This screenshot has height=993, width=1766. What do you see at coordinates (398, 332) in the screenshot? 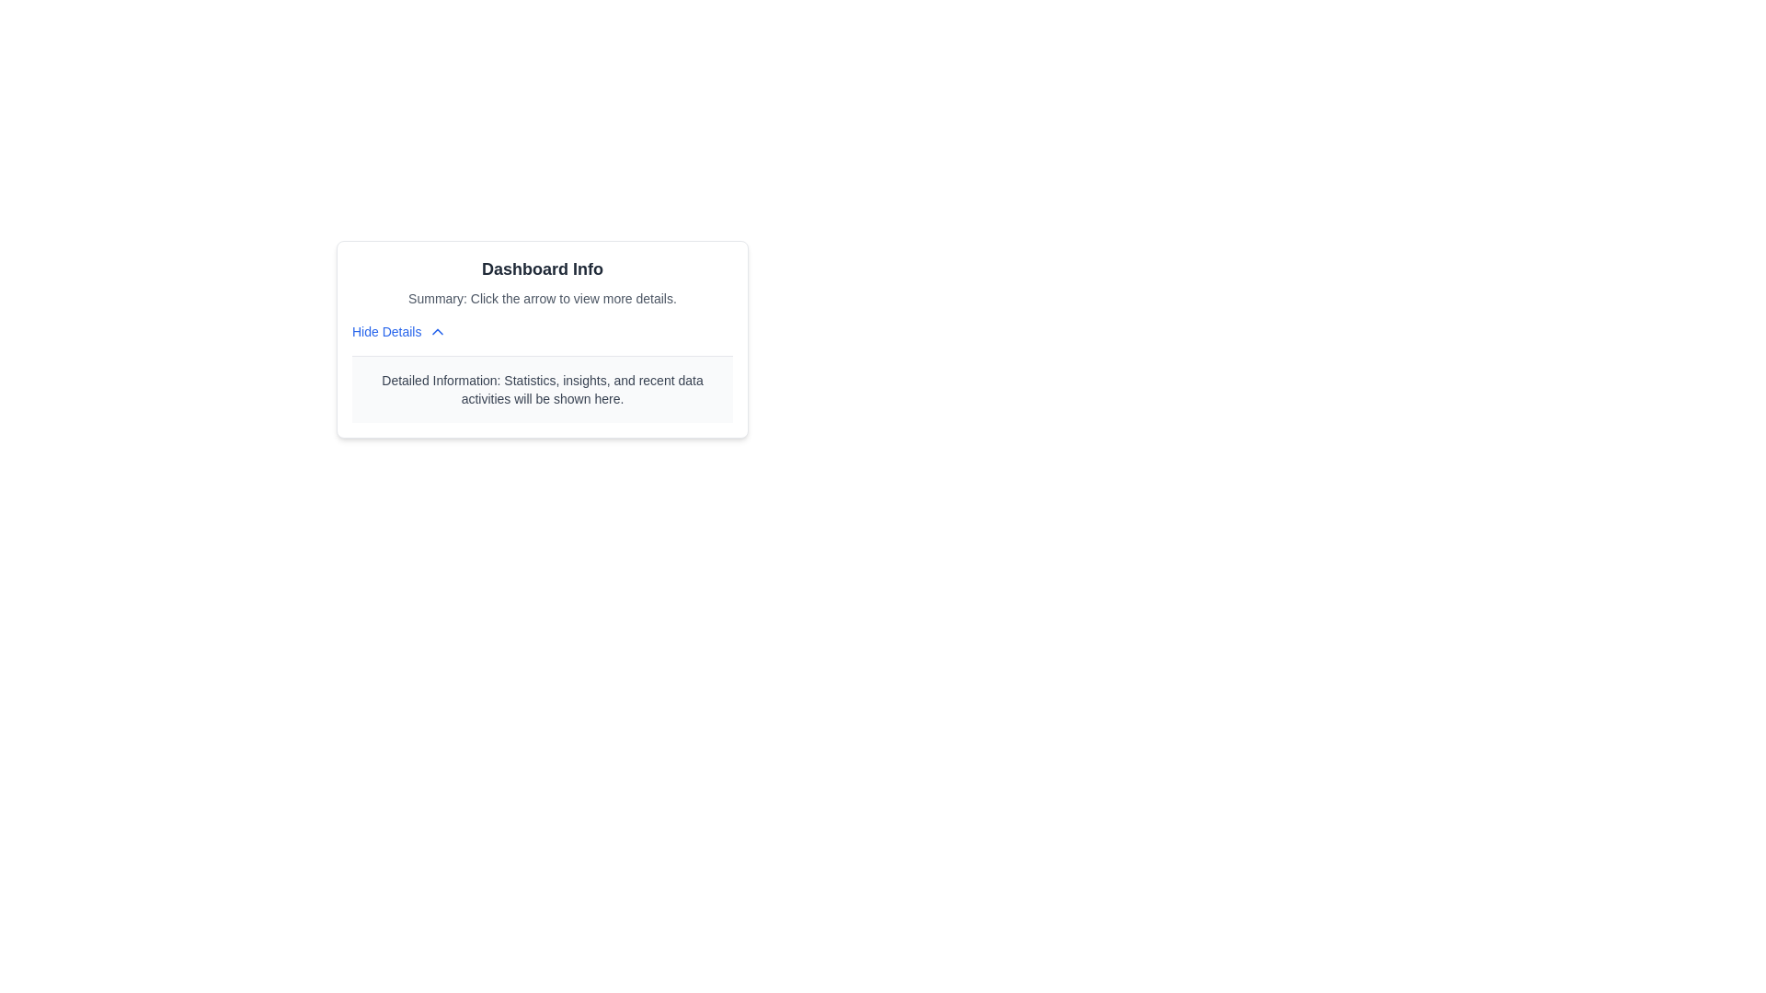
I see `the third Text Button with Icon below the 'Summary' text to hide the additional details displayed below it` at bounding box center [398, 332].